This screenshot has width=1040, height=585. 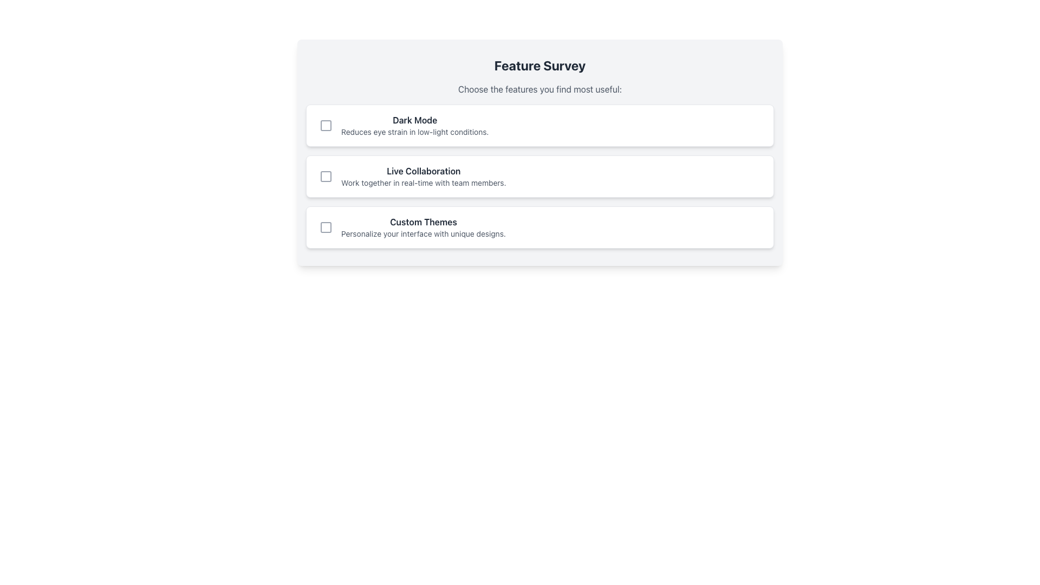 I want to click on the checkbox for 'Dark Mode', which functions as a toggle option for selecting or deselecting this feature, so click(x=325, y=125).